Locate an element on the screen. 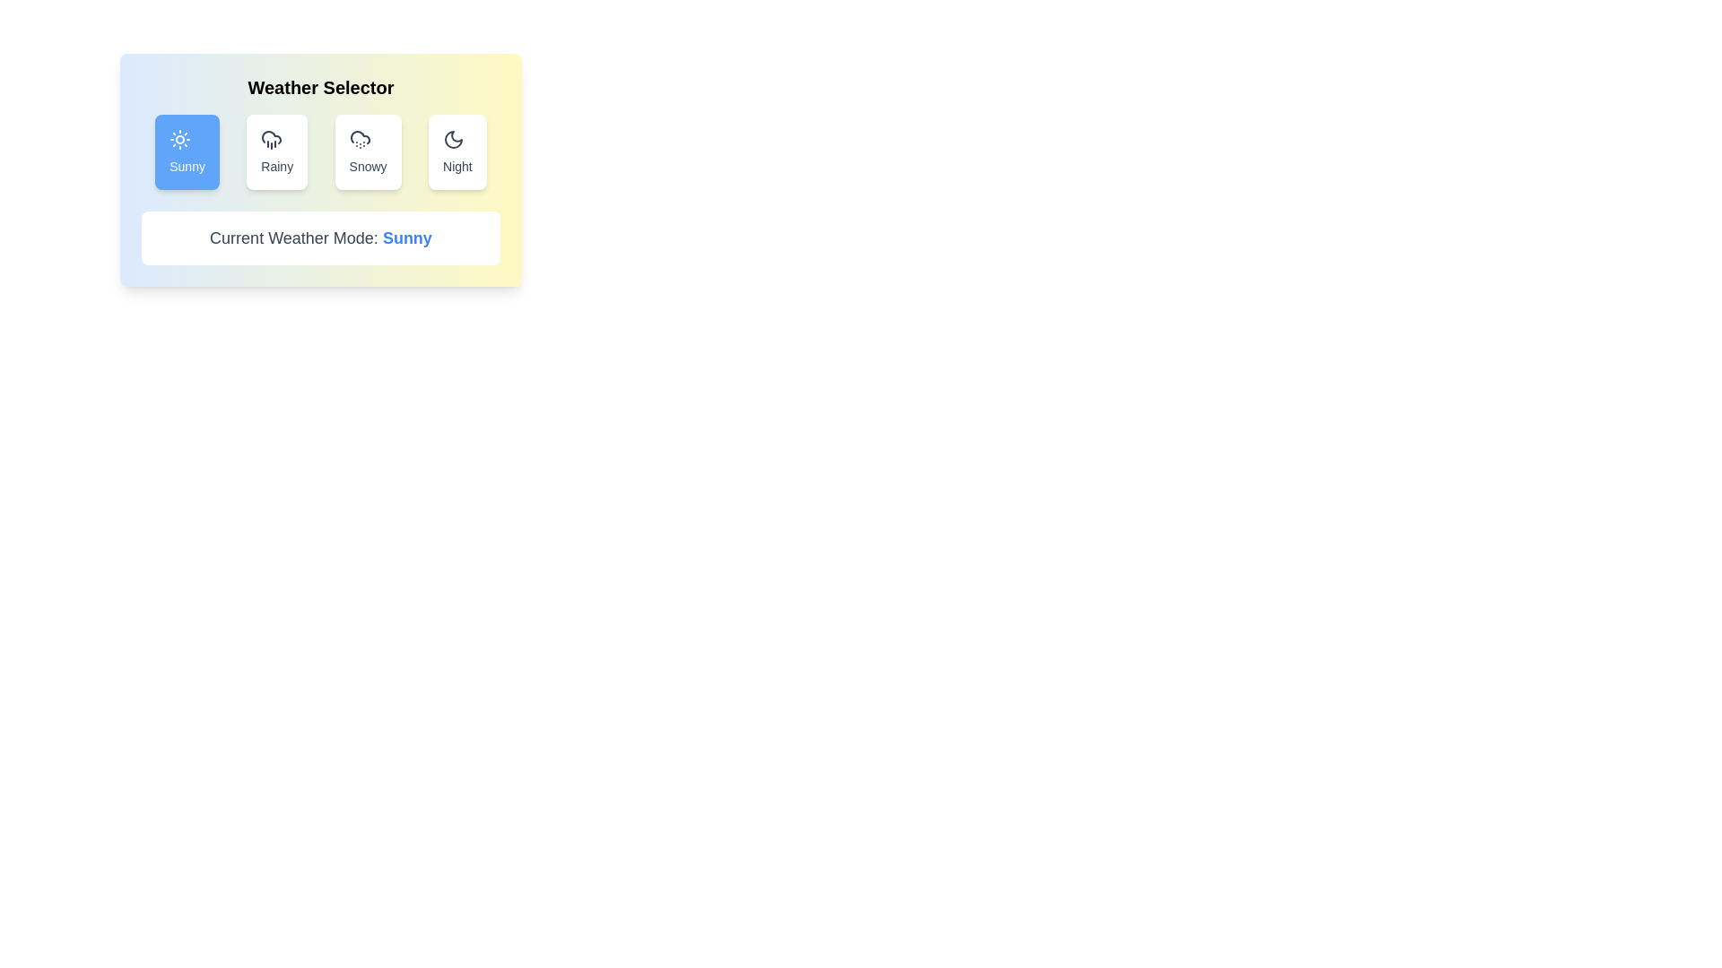 This screenshot has width=1722, height=968. the weather option Night by clicking its corresponding button is located at coordinates (457, 151).